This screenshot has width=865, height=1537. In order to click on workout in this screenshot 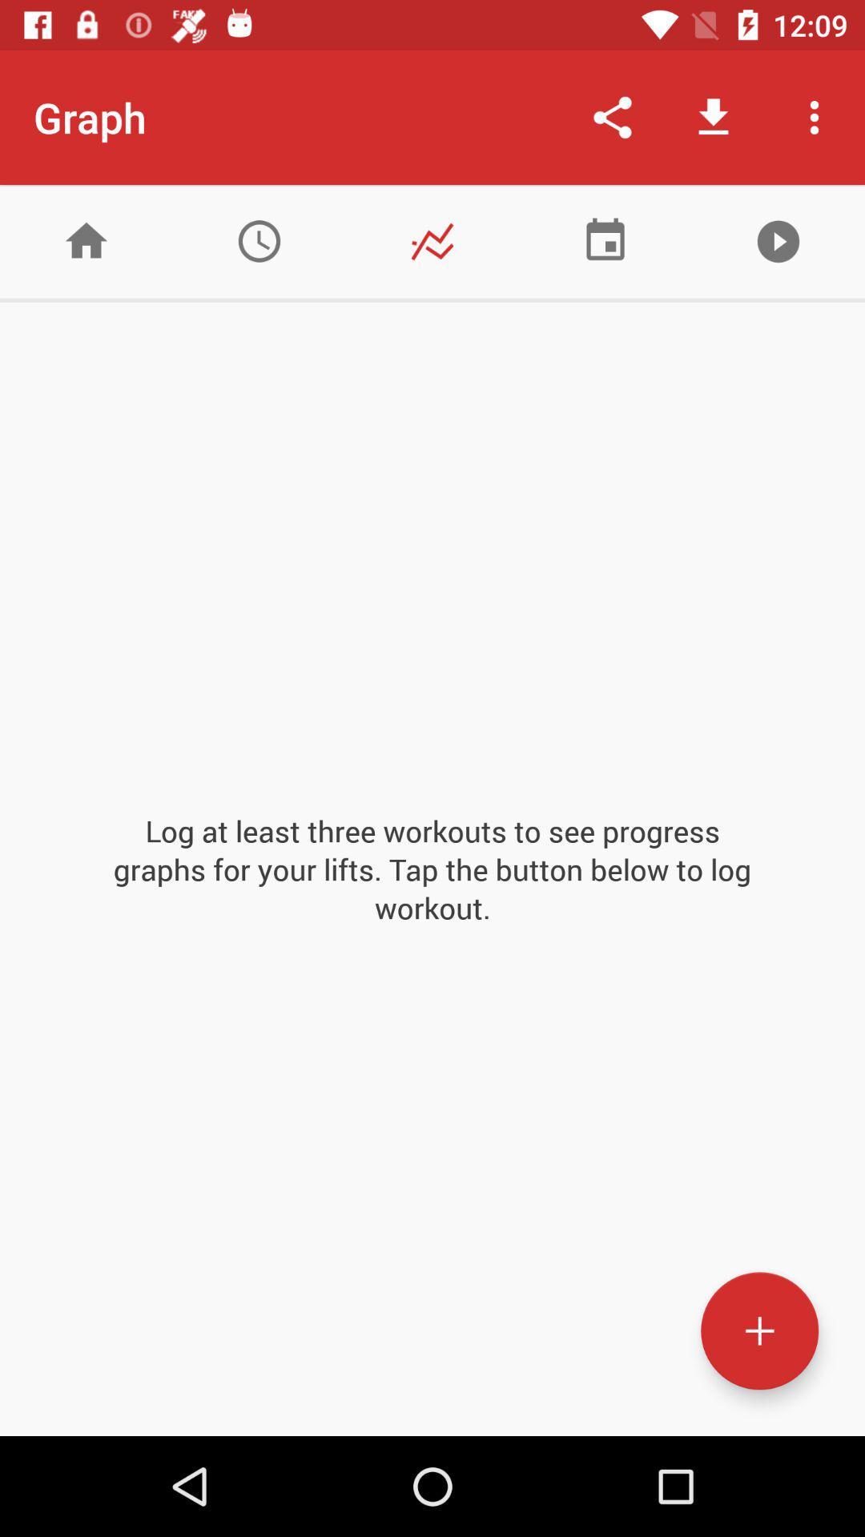, I will do `click(758, 1330)`.